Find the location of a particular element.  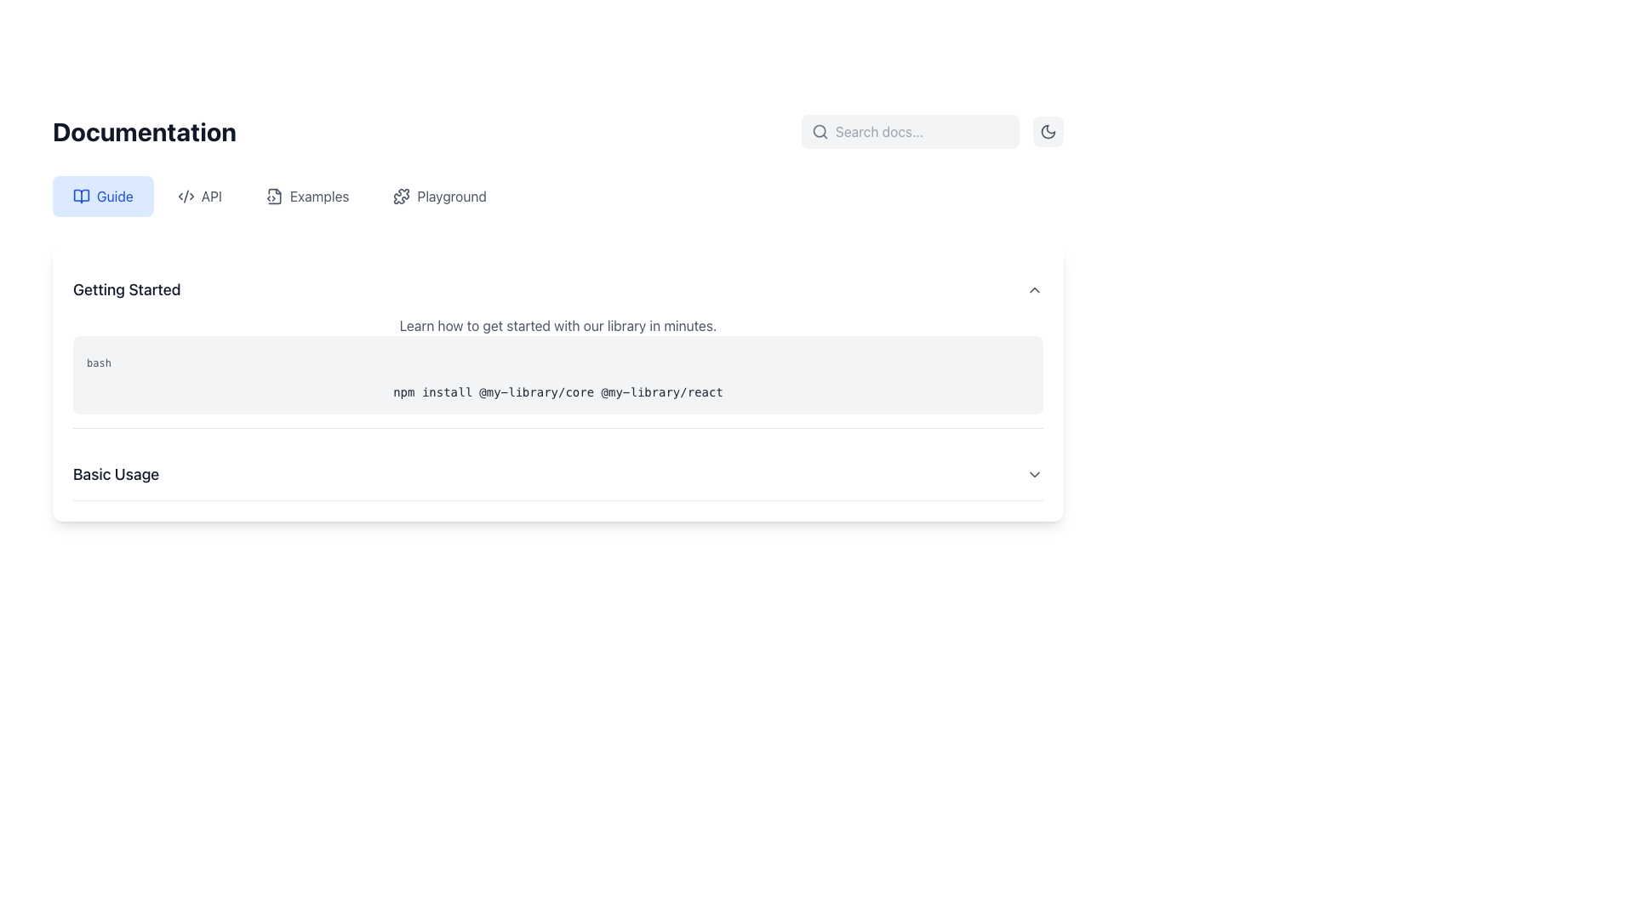

the rounded square-shaped button with a gray background and a moon icon in the center, located in the top-right corner of the UI is located at coordinates (1048, 130).